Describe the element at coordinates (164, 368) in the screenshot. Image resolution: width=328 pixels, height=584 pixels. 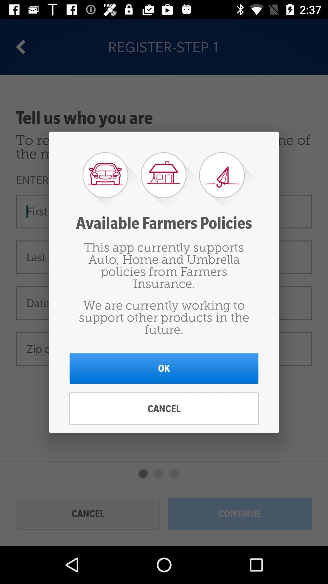
I see `ok item` at that location.